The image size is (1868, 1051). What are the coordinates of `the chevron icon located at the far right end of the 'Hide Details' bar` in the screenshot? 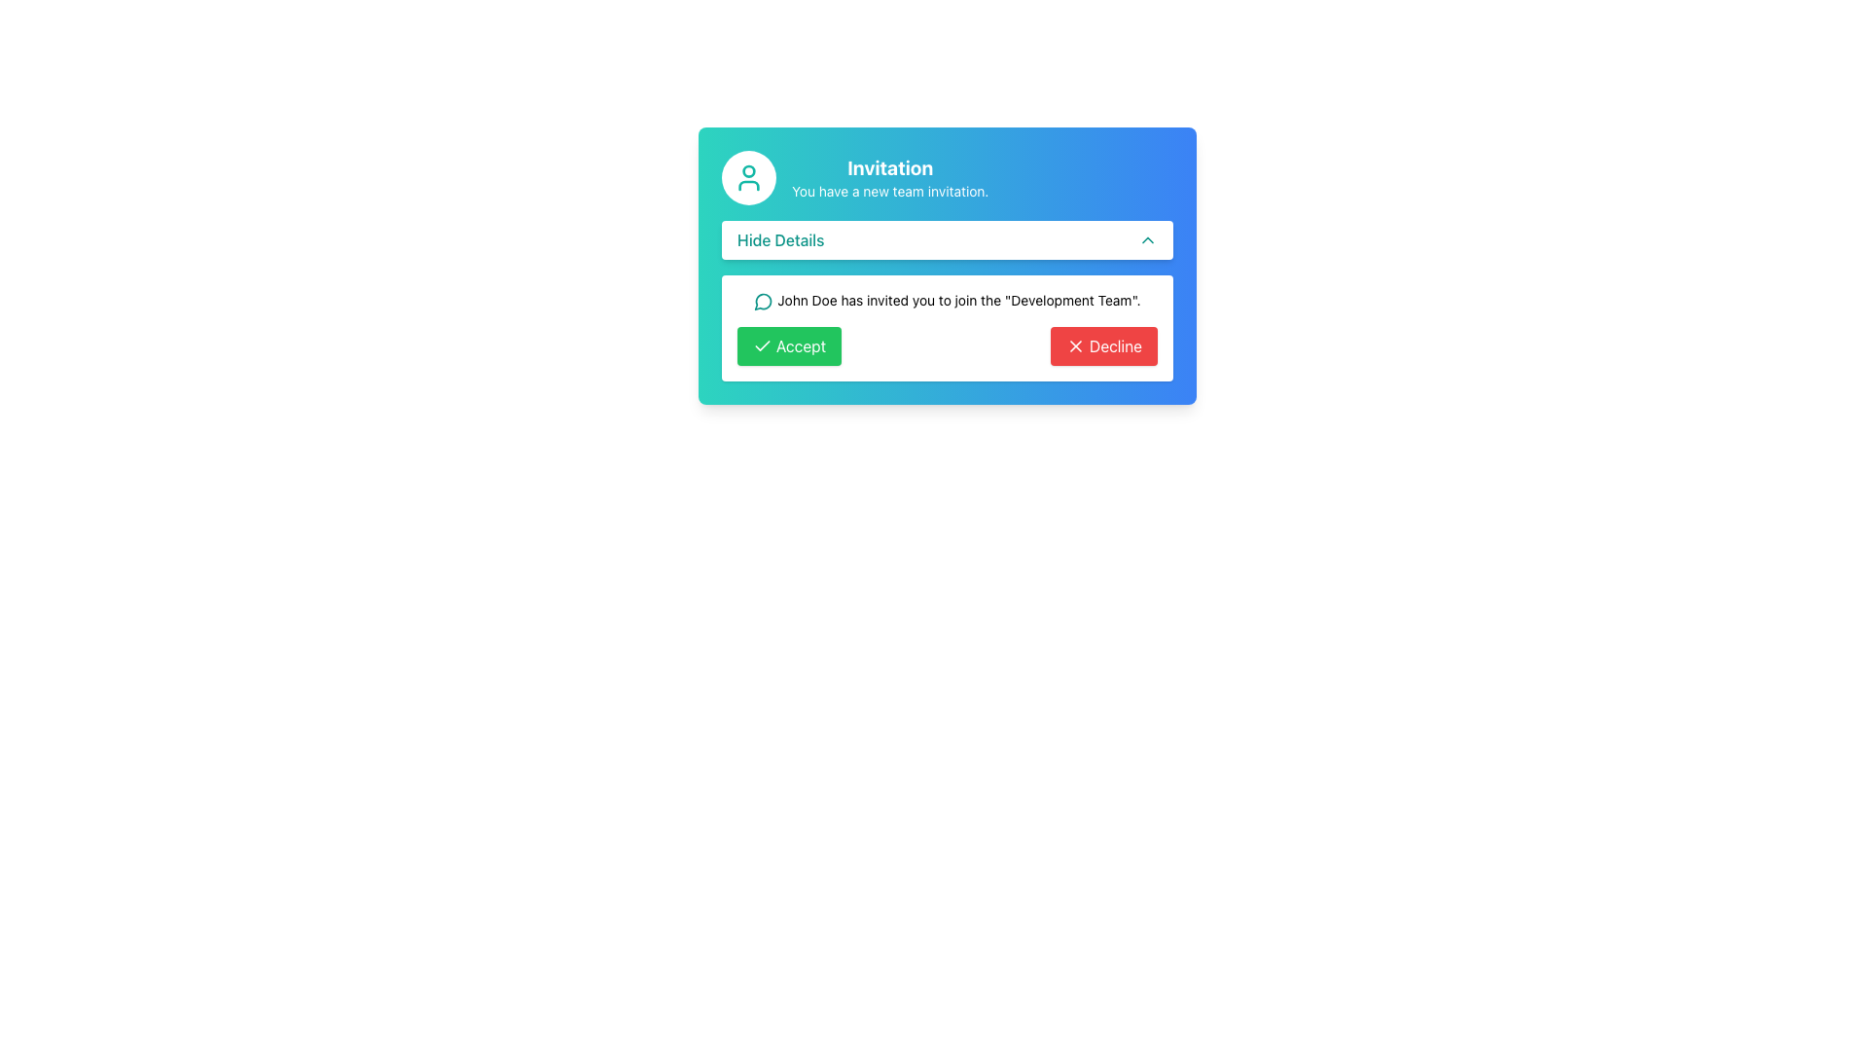 It's located at (1148, 238).